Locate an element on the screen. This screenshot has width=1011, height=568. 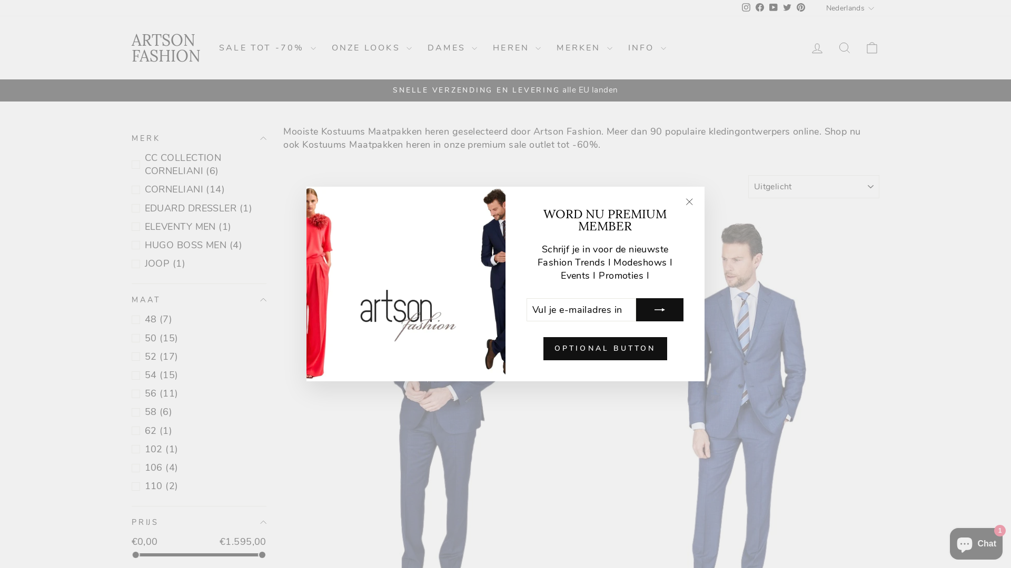
'Pinterest' is located at coordinates (794, 8).